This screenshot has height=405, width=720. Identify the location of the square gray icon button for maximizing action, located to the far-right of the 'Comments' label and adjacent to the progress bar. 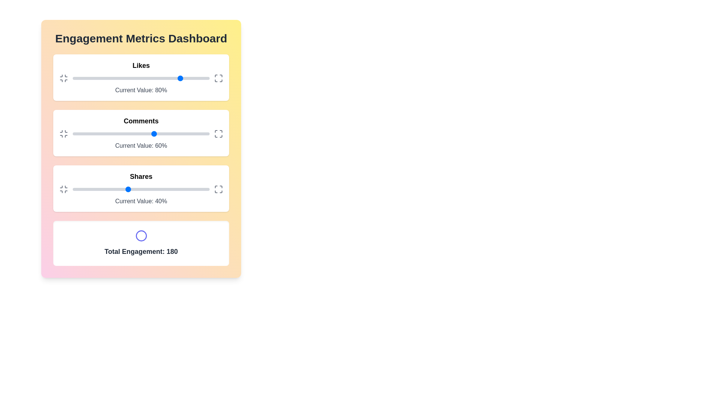
(218, 133).